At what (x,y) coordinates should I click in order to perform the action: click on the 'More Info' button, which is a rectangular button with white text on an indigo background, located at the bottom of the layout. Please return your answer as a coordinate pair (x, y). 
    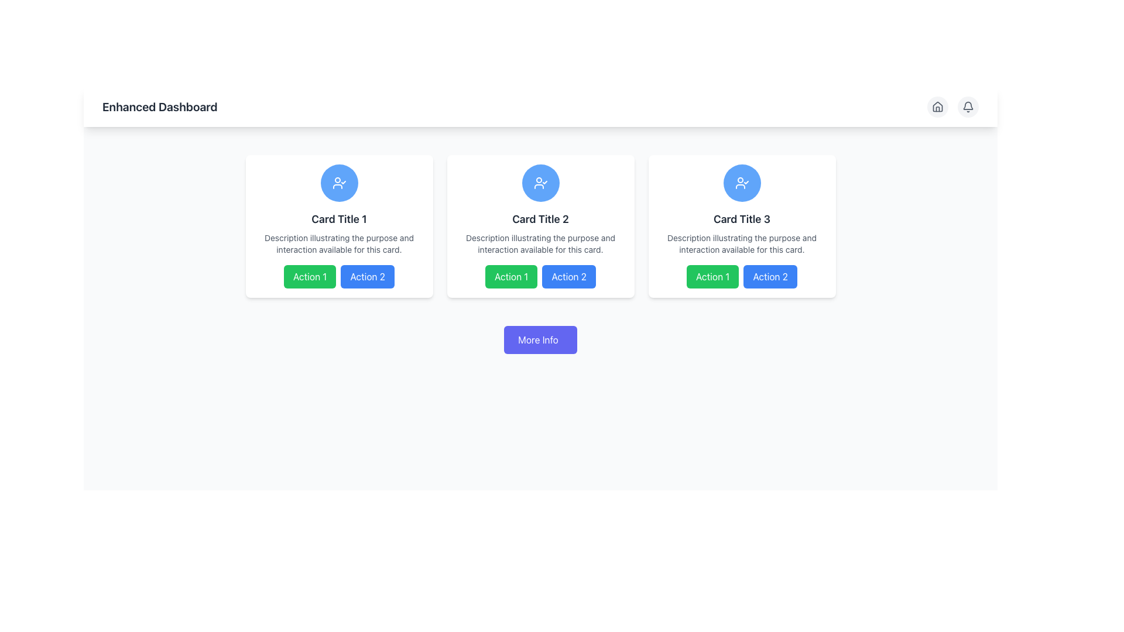
    Looking at the image, I should click on (539, 340).